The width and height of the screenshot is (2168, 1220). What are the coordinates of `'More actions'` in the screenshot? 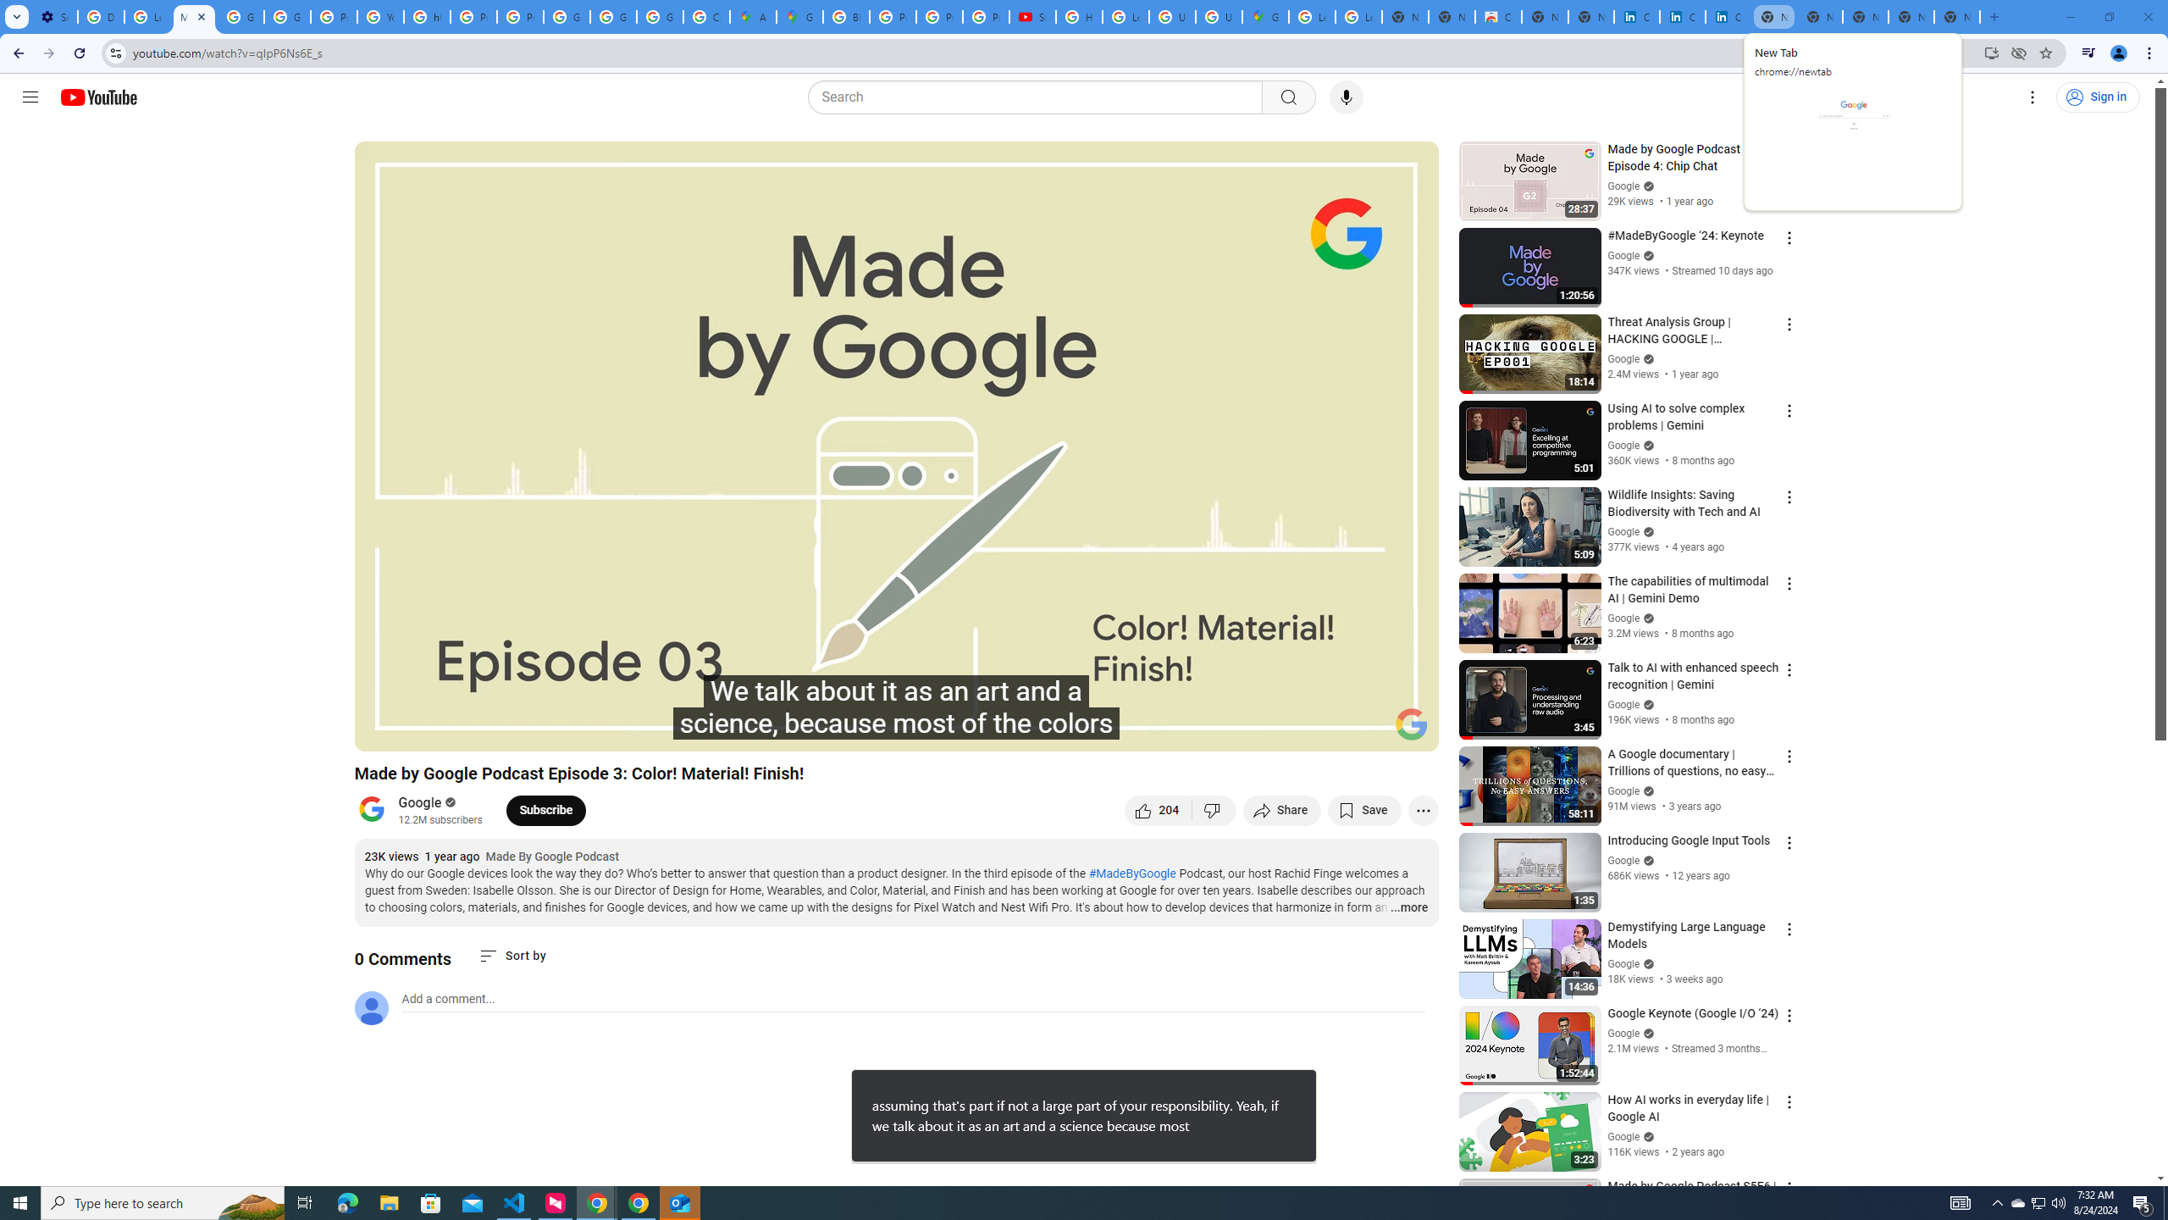 It's located at (1422, 809).